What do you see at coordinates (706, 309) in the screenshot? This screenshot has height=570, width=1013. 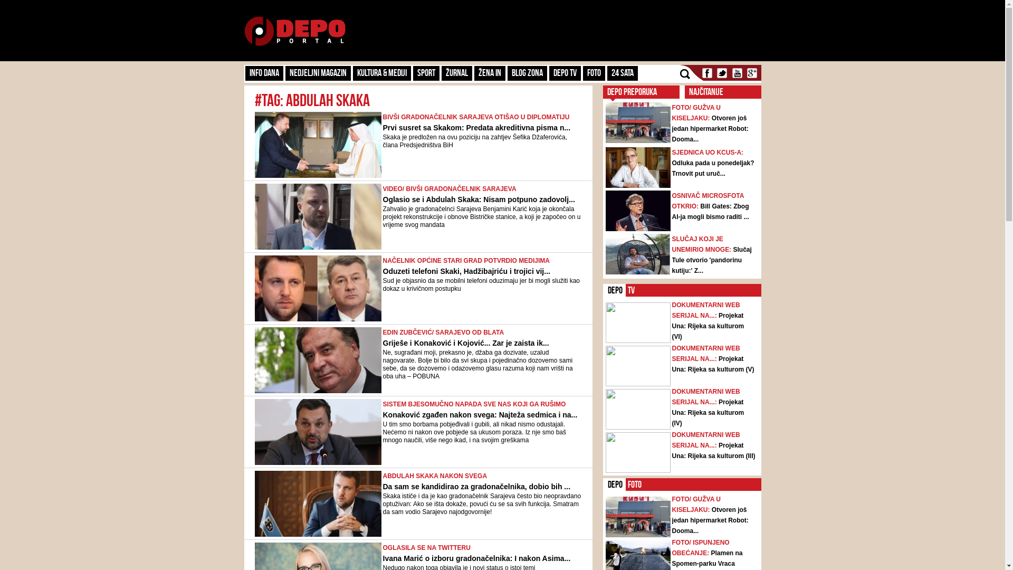 I see `'DOKUMENTARNI WEB SERIJAL NA...:'` at bounding box center [706, 309].